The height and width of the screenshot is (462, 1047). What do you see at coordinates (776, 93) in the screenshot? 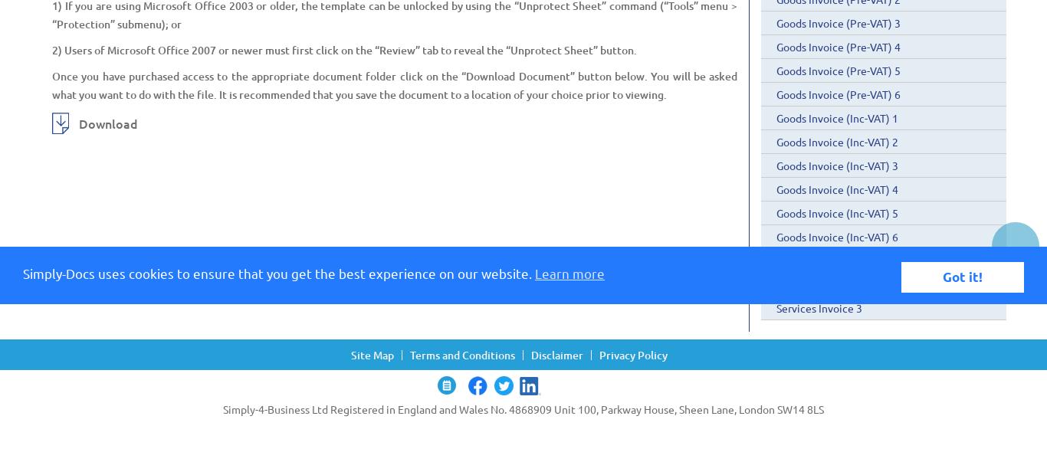
I see `'Goods Invoice (Pre-VAT) 6'` at bounding box center [776, 93].